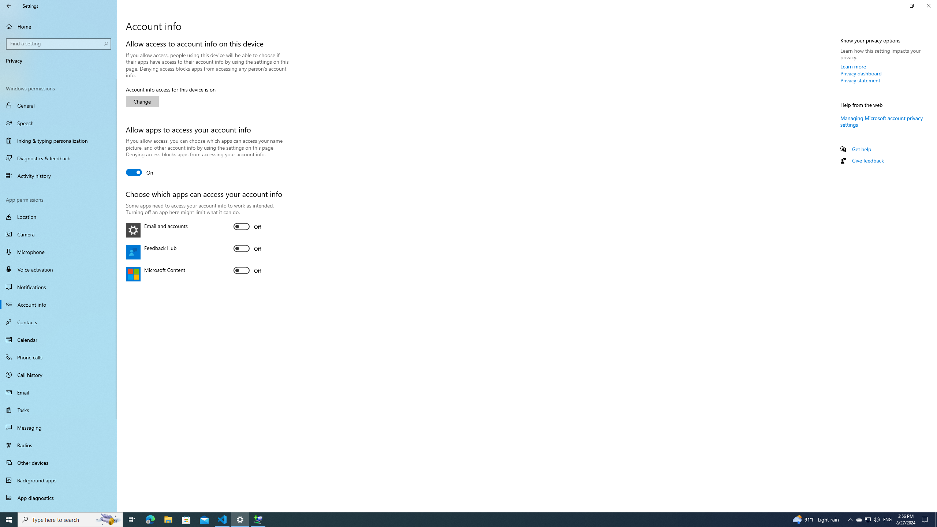 This screenshot has height=527, width=937. Describe the element at coordinates (861, 73) in the screenshot. I see `'Privacy dashboard'` at that location.